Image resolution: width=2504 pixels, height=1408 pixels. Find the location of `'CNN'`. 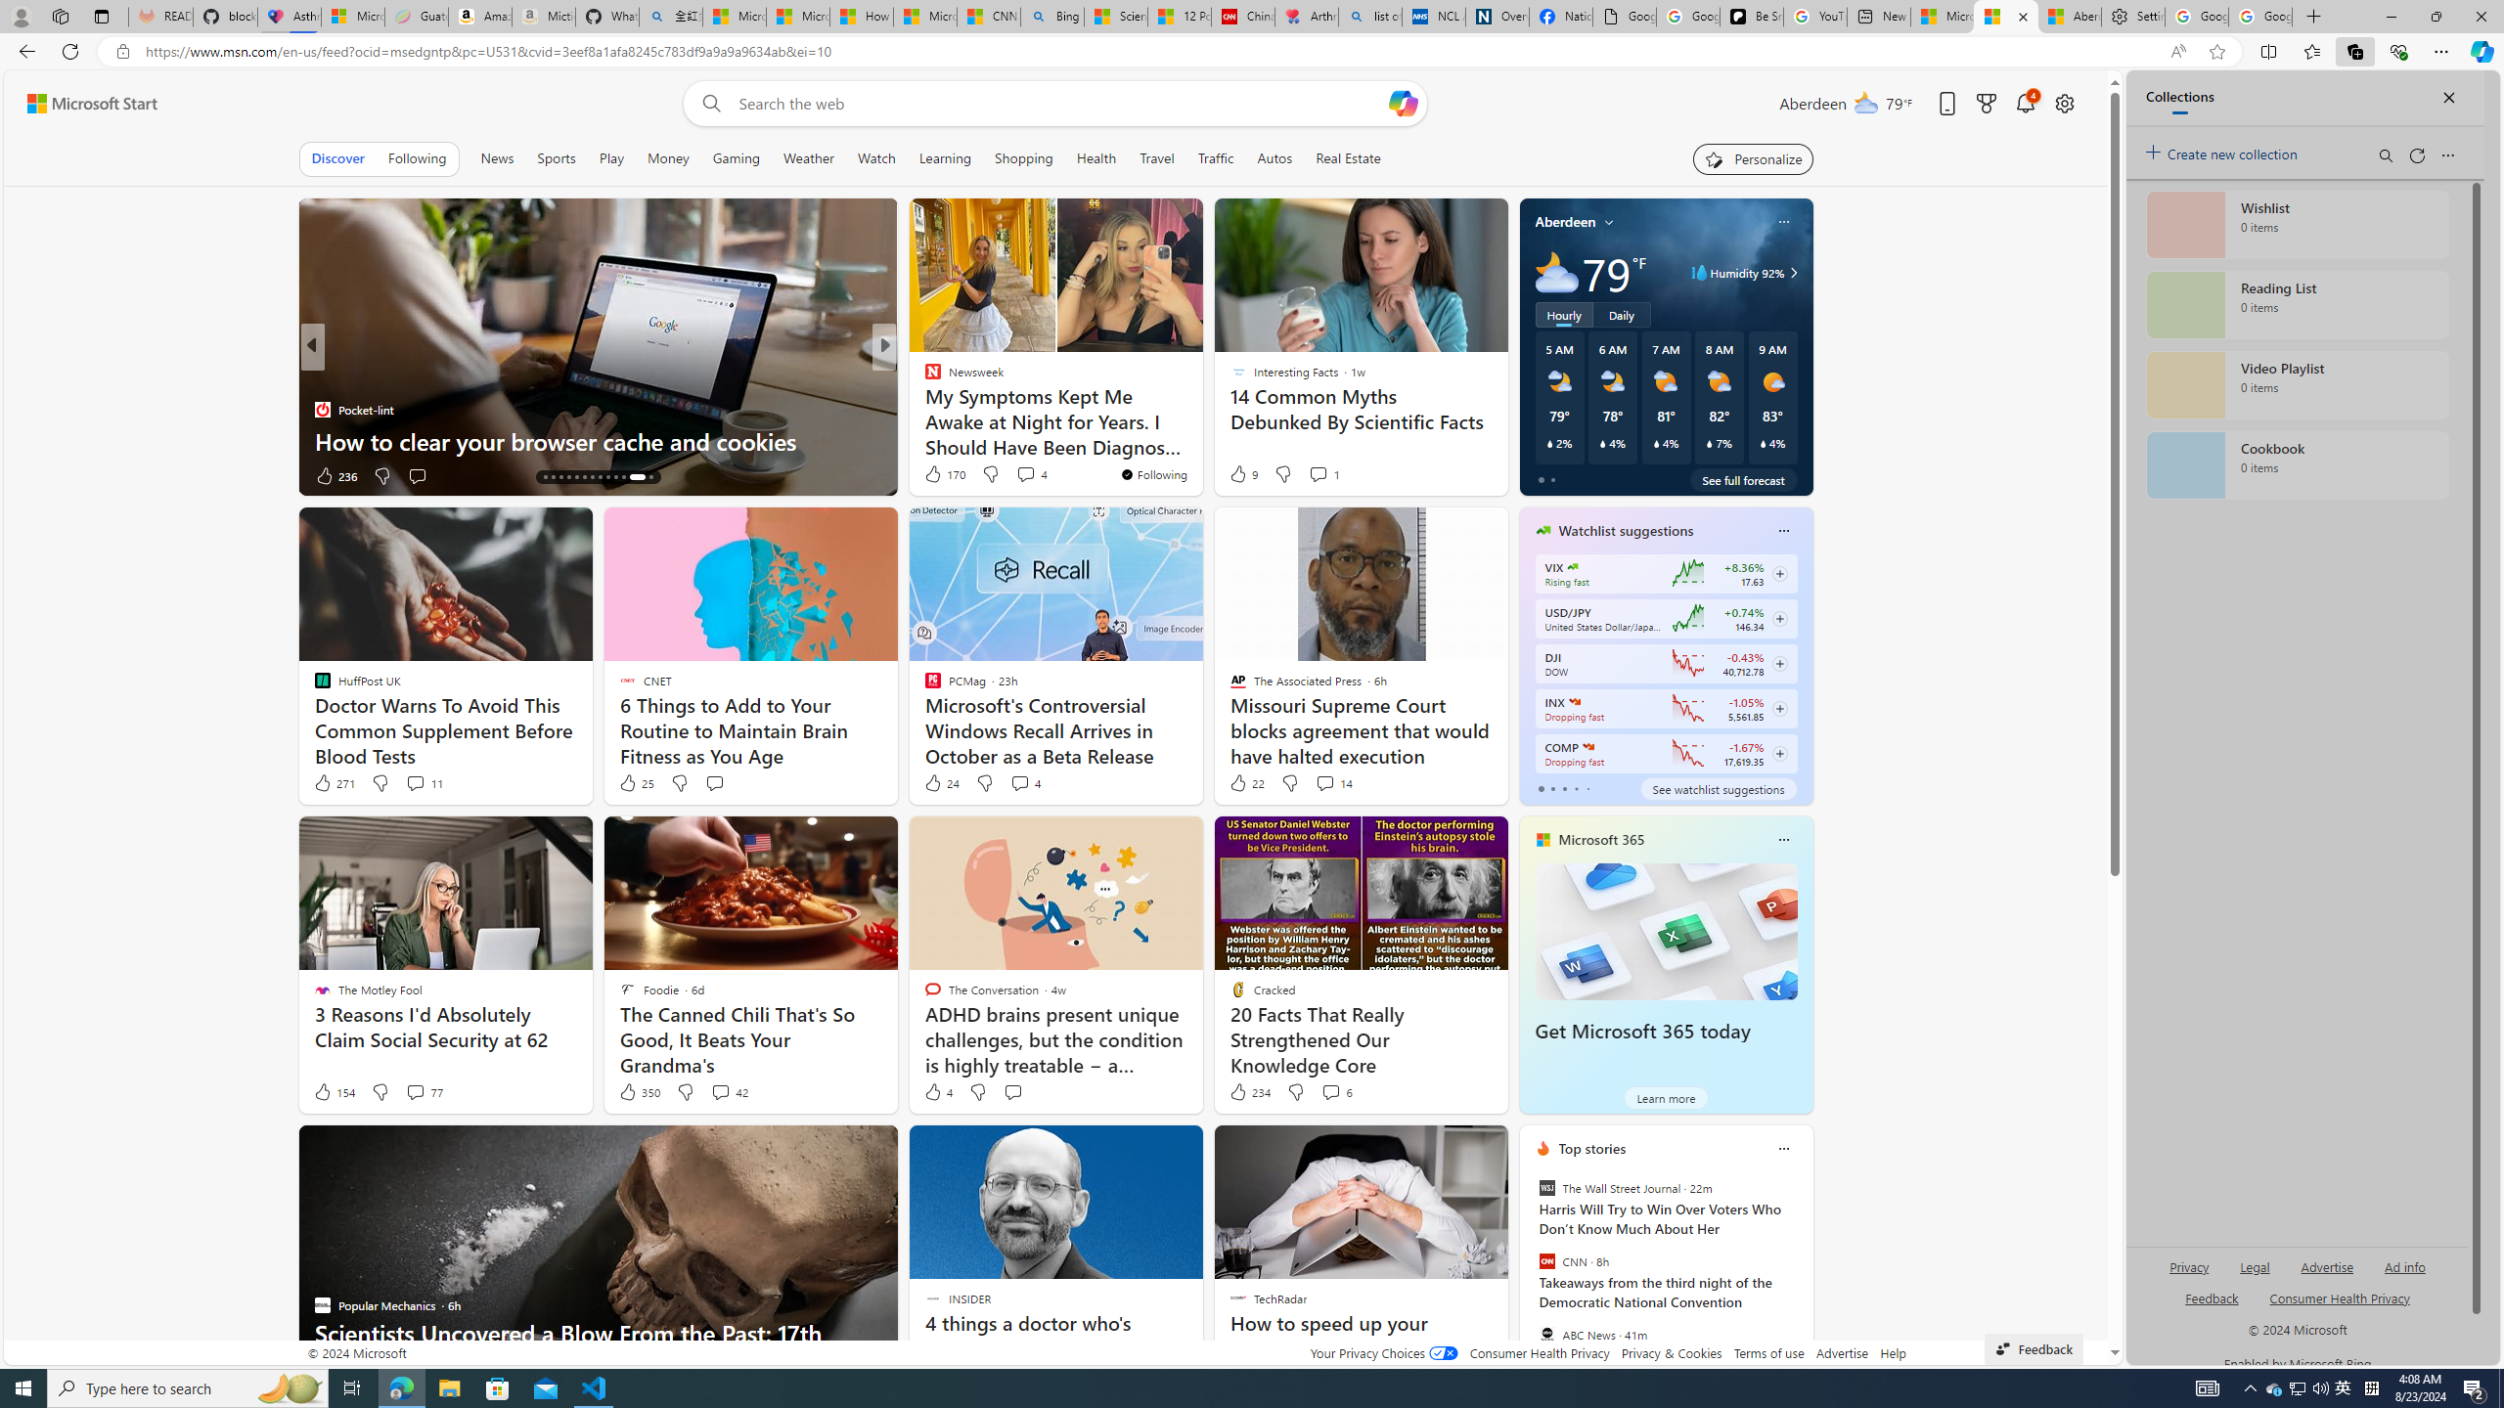

'CNN' is located at coordinates (1544, 1261).